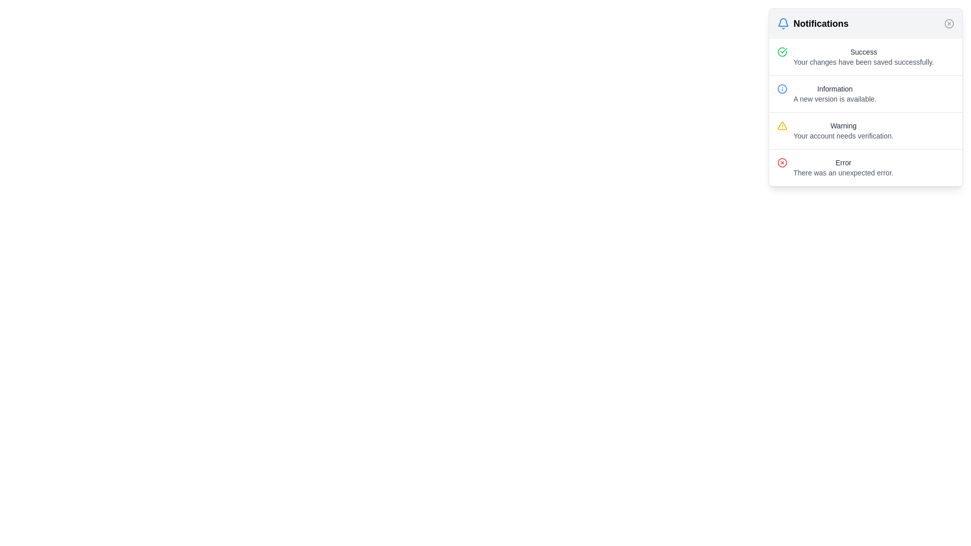 This screenshot has height=546, width=971. Describe the element at coordinates (843, 162) in the screenshot. I see `the 'Error' text label, which is displayed in a small, medium-weight, gray font within the notification box, located at the bottom section under the 'Error' icon` at that location.